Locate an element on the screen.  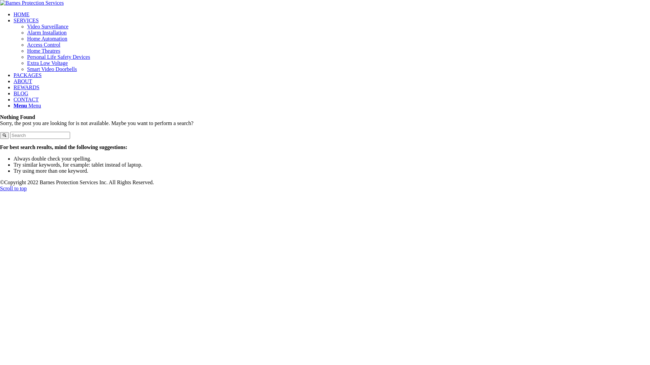
'HOME' is located at coordinates (13, 14).